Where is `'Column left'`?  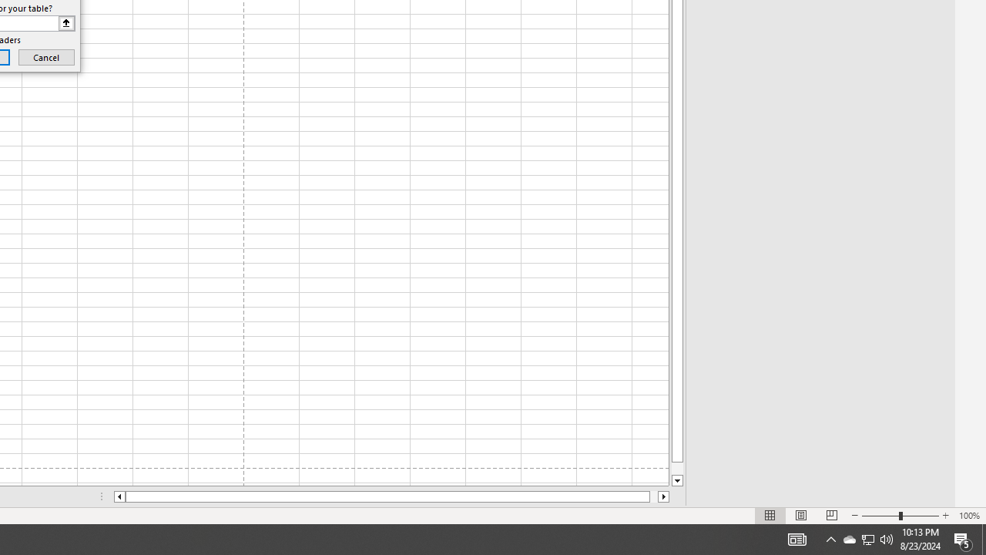
'Column left' is located at coordinates (118, 496).